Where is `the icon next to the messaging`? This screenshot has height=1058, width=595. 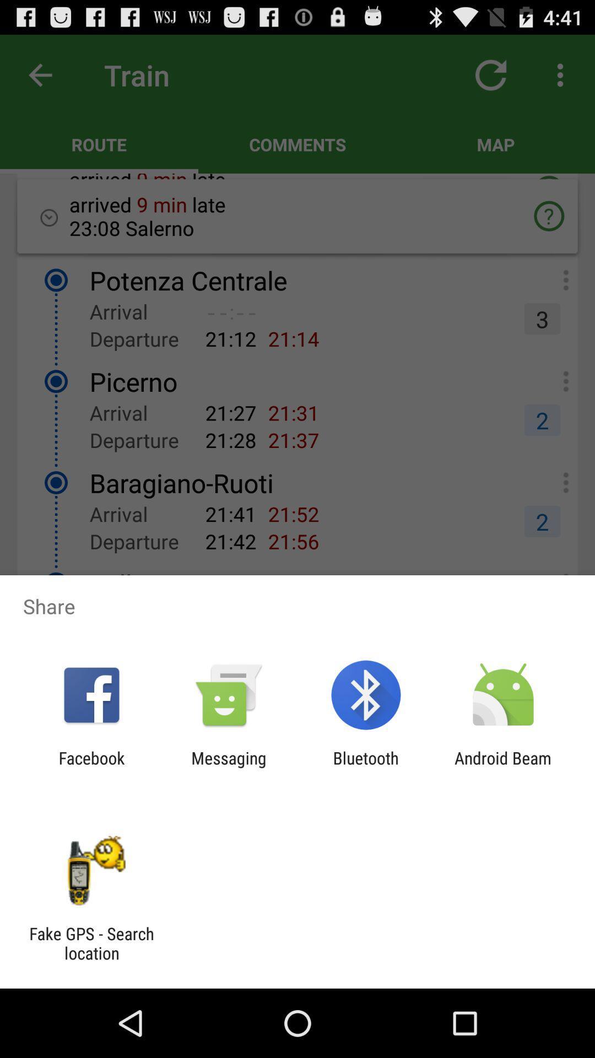 the icon next to the messaging is located at coordinates (366, 767).